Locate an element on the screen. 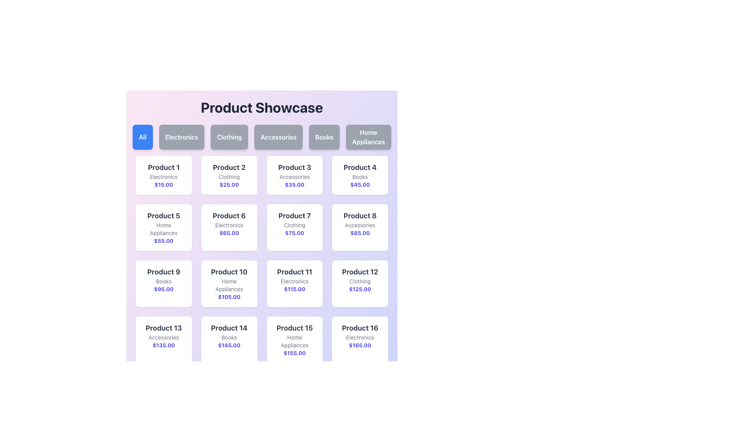 This screenshot has width=749, height=421. the Text Label displaying the product name in the thirteenth product card located in the bottom-left corner of the product showcase grid is located at coordinates (163, 328).